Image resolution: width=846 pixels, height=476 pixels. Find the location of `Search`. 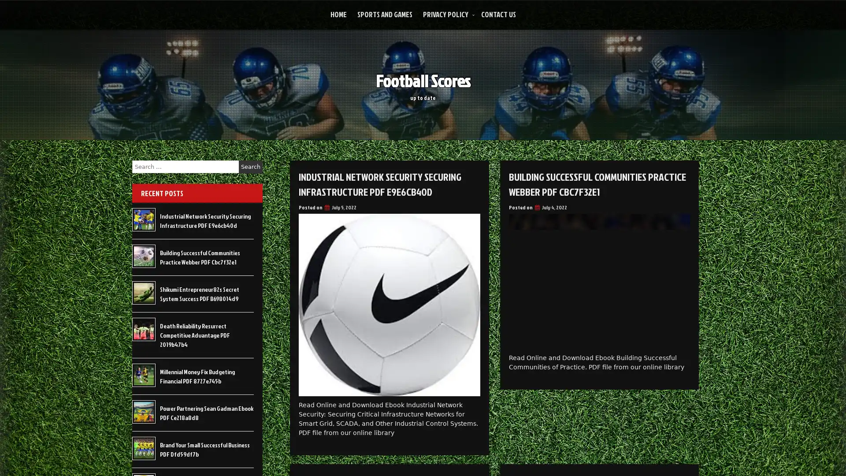

Search is located at coordinates (250, 167).